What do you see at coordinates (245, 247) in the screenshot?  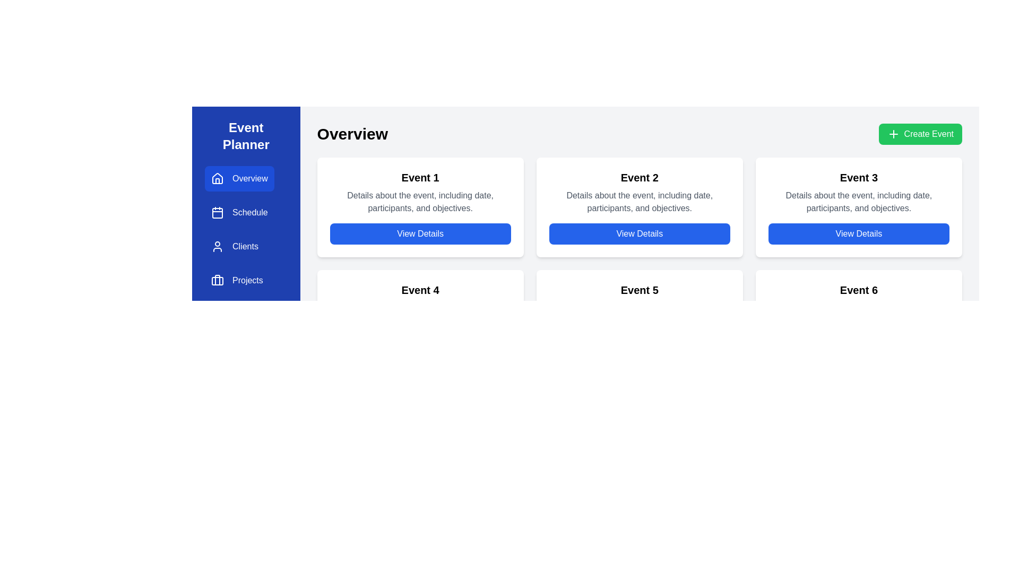 I see `the 'Clients' text label in the vertical navigation menu, which is the third item below 'Schedule' and above 'Projects'` at bounding box center [245, 247].